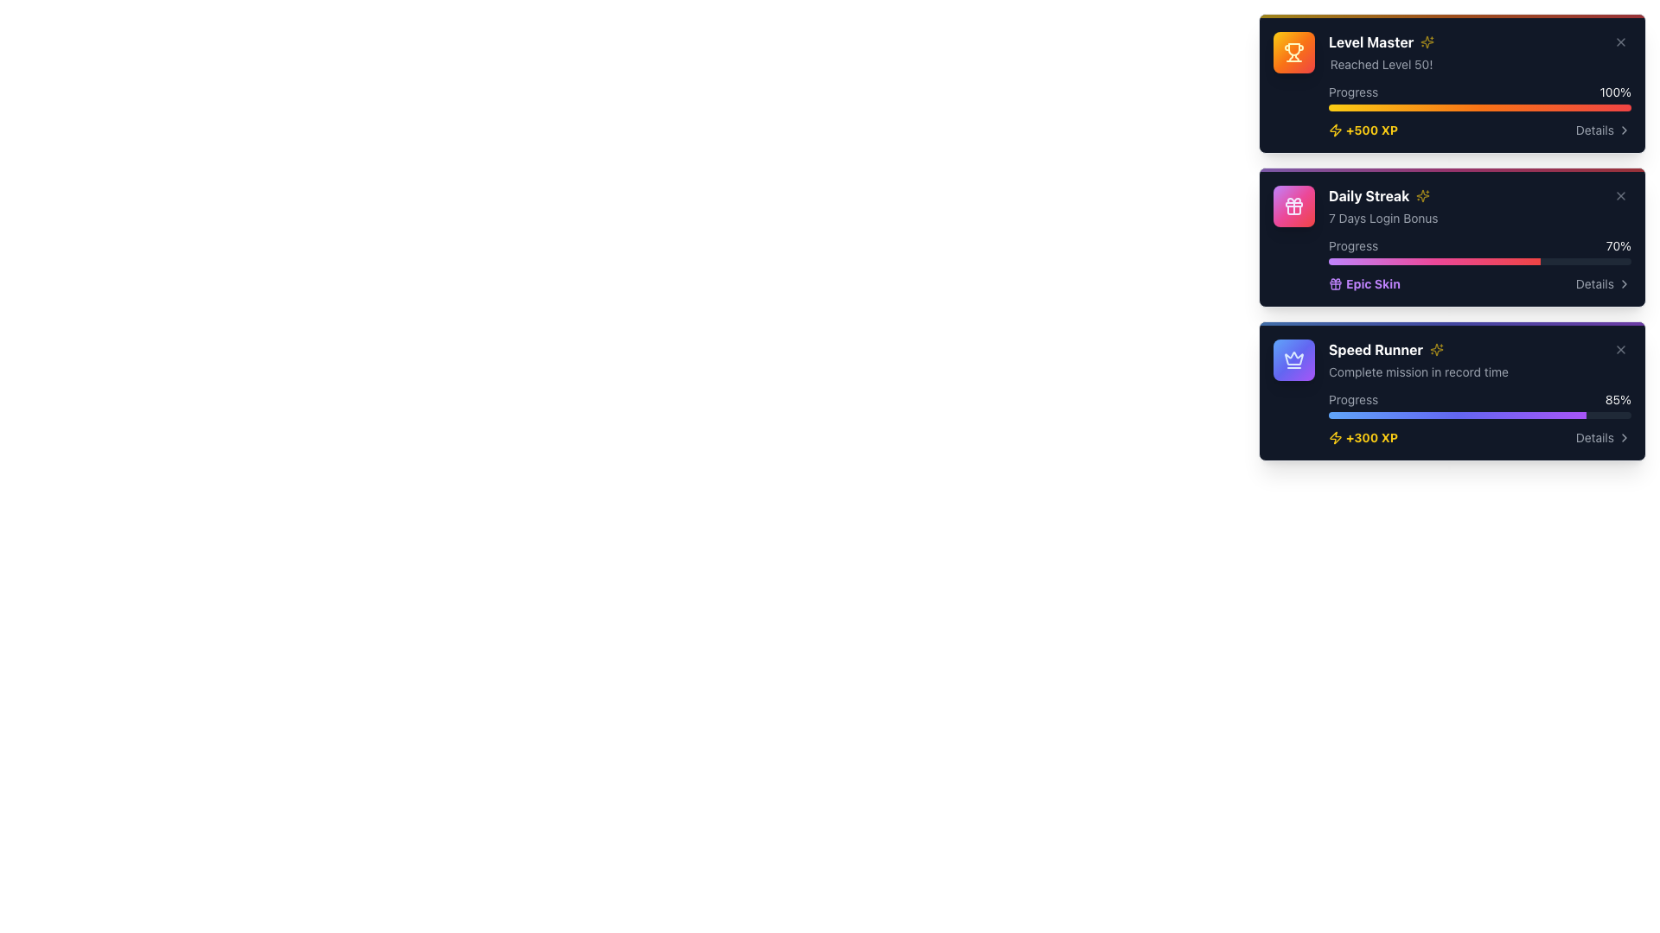  I want to click on the crown icon with a gradient blue to purple background, located at the beginning of the 'Speed Runner' achievement card, positioned above the 'Speed Runner' text, so click(1294, 359).